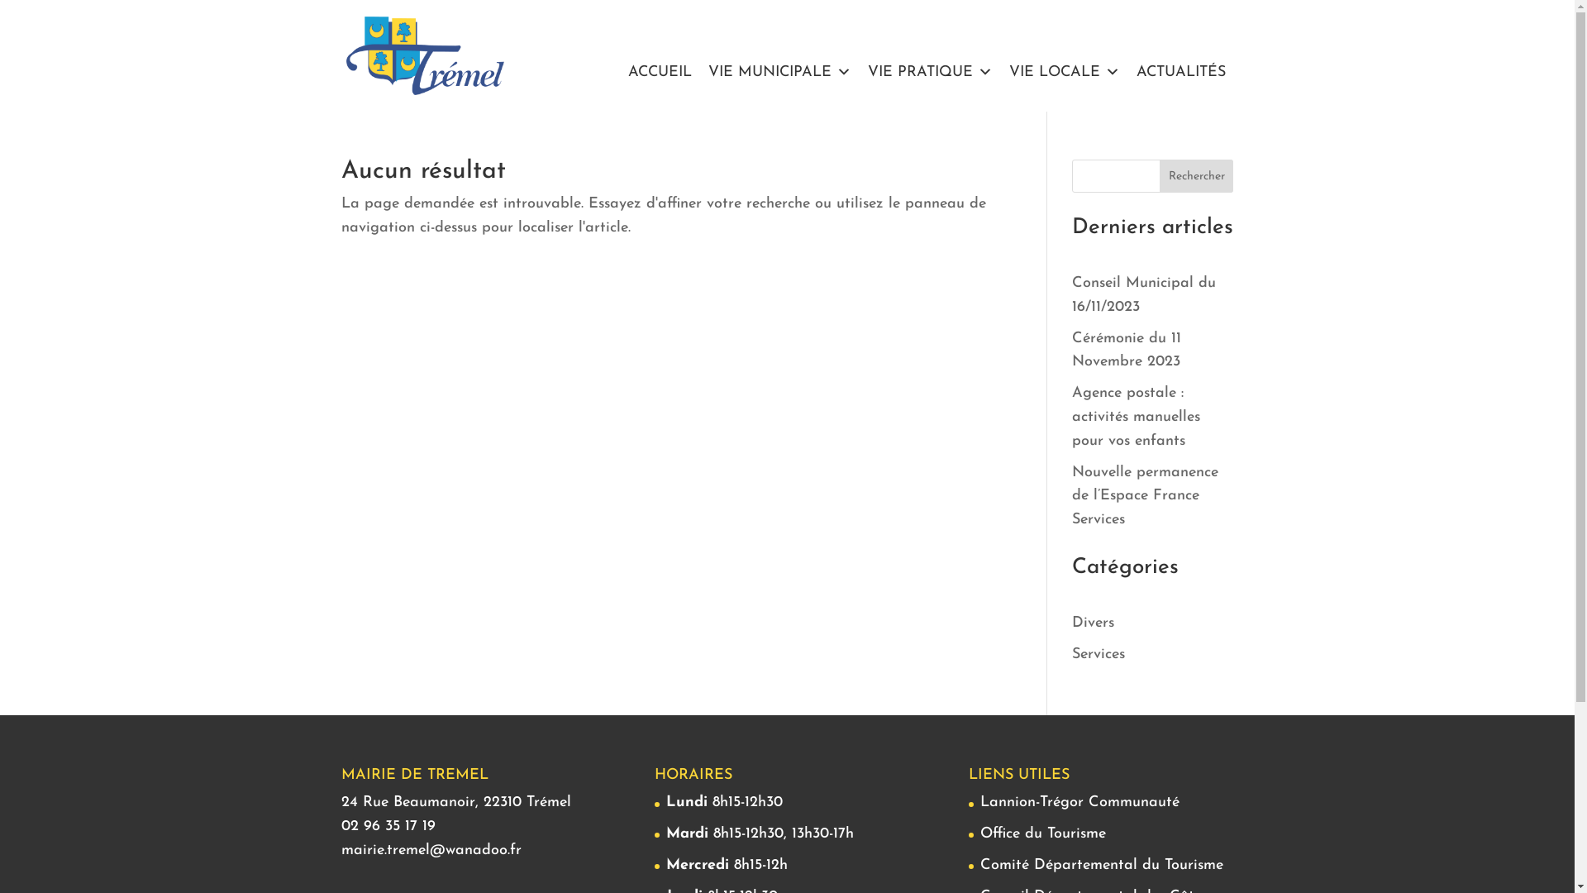 The image size is (1587, 893). Describe the element at coordinates (387, 826) in the screenshot. I see `'02 96 35 17 19'` at that location.